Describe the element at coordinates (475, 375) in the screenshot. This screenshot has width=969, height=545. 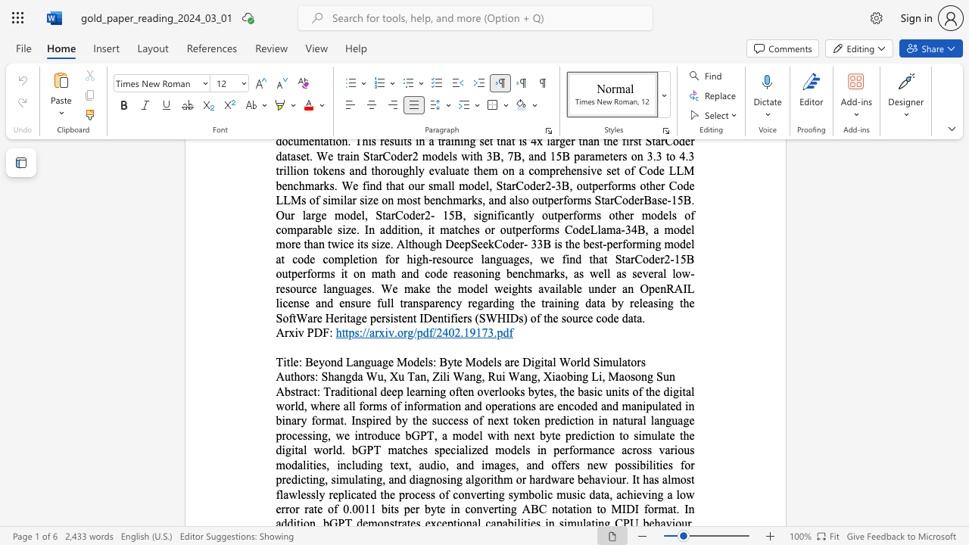
I see `the subset text "g," within the text "Zili Wang,"` at that location.